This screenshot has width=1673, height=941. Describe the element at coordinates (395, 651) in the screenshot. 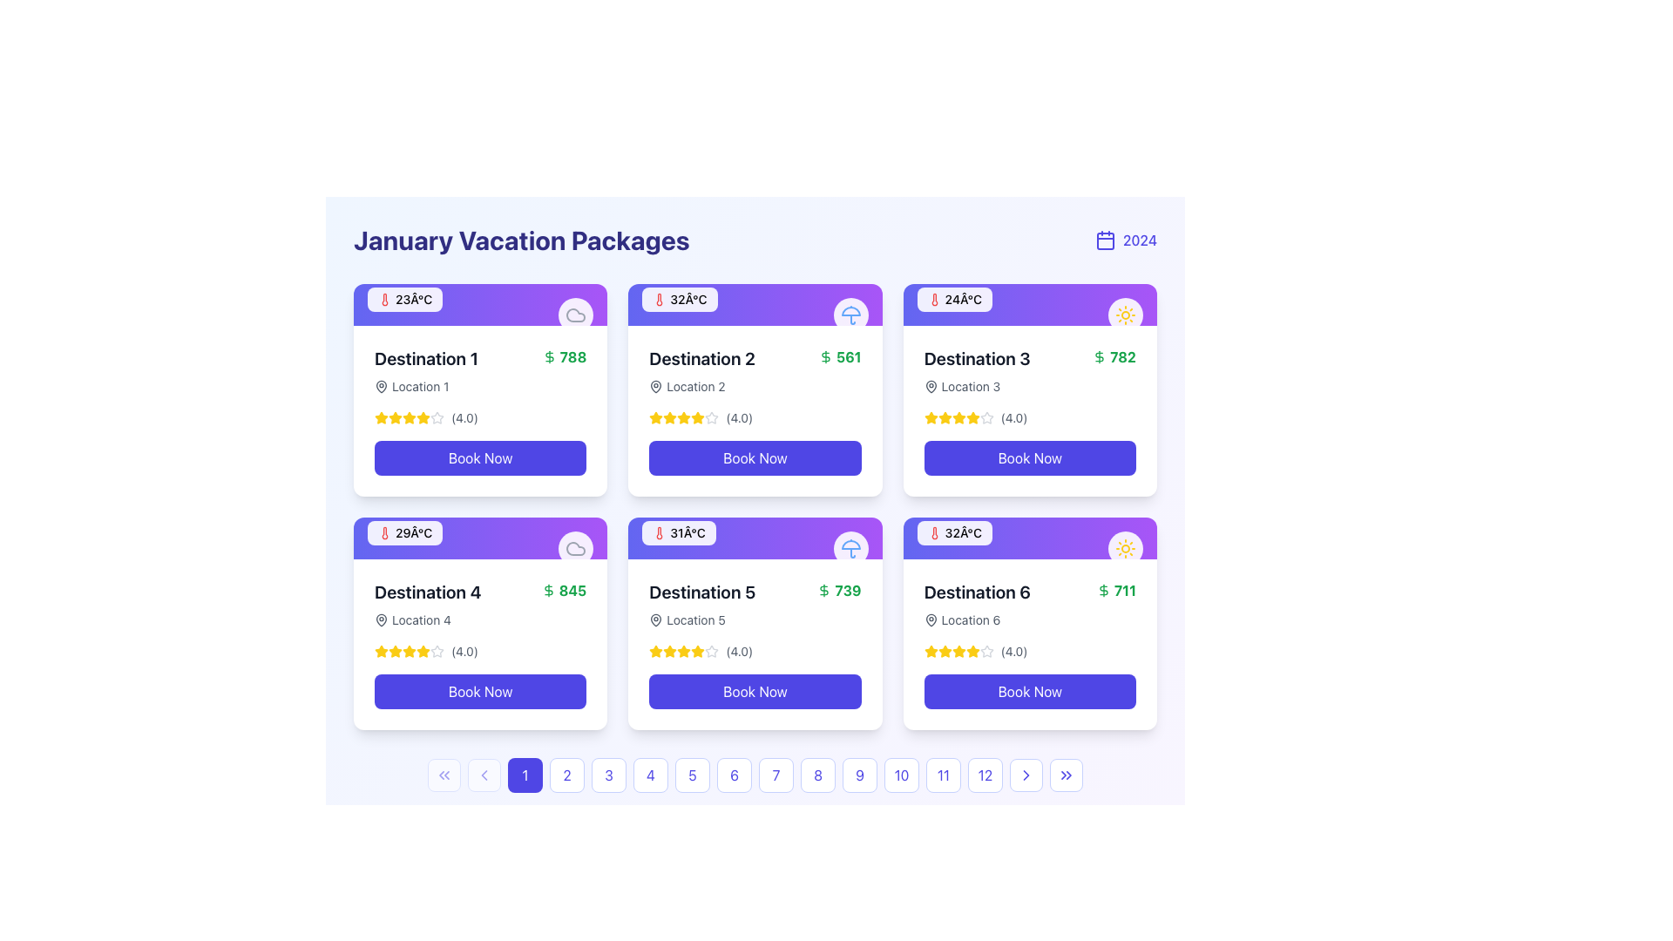

I see `the fourth yellow star icon in the row of five stars within the 'Destination 4' card located in the lower-left quadrant of the layout` at that location.